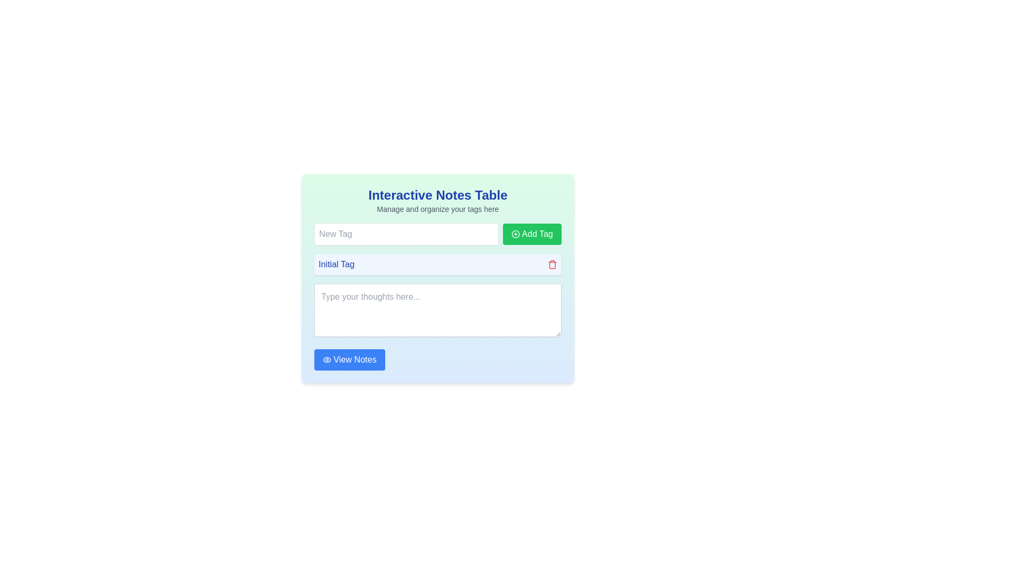 This screenshot has width=1023, height=575. What do you see at coordinates (515, 233) in the screenshot?
I see `the SVG circle element that represents the 'Add Tag' button, located to the right of the 'New Tag' text field` at bounding box center [515, 233].